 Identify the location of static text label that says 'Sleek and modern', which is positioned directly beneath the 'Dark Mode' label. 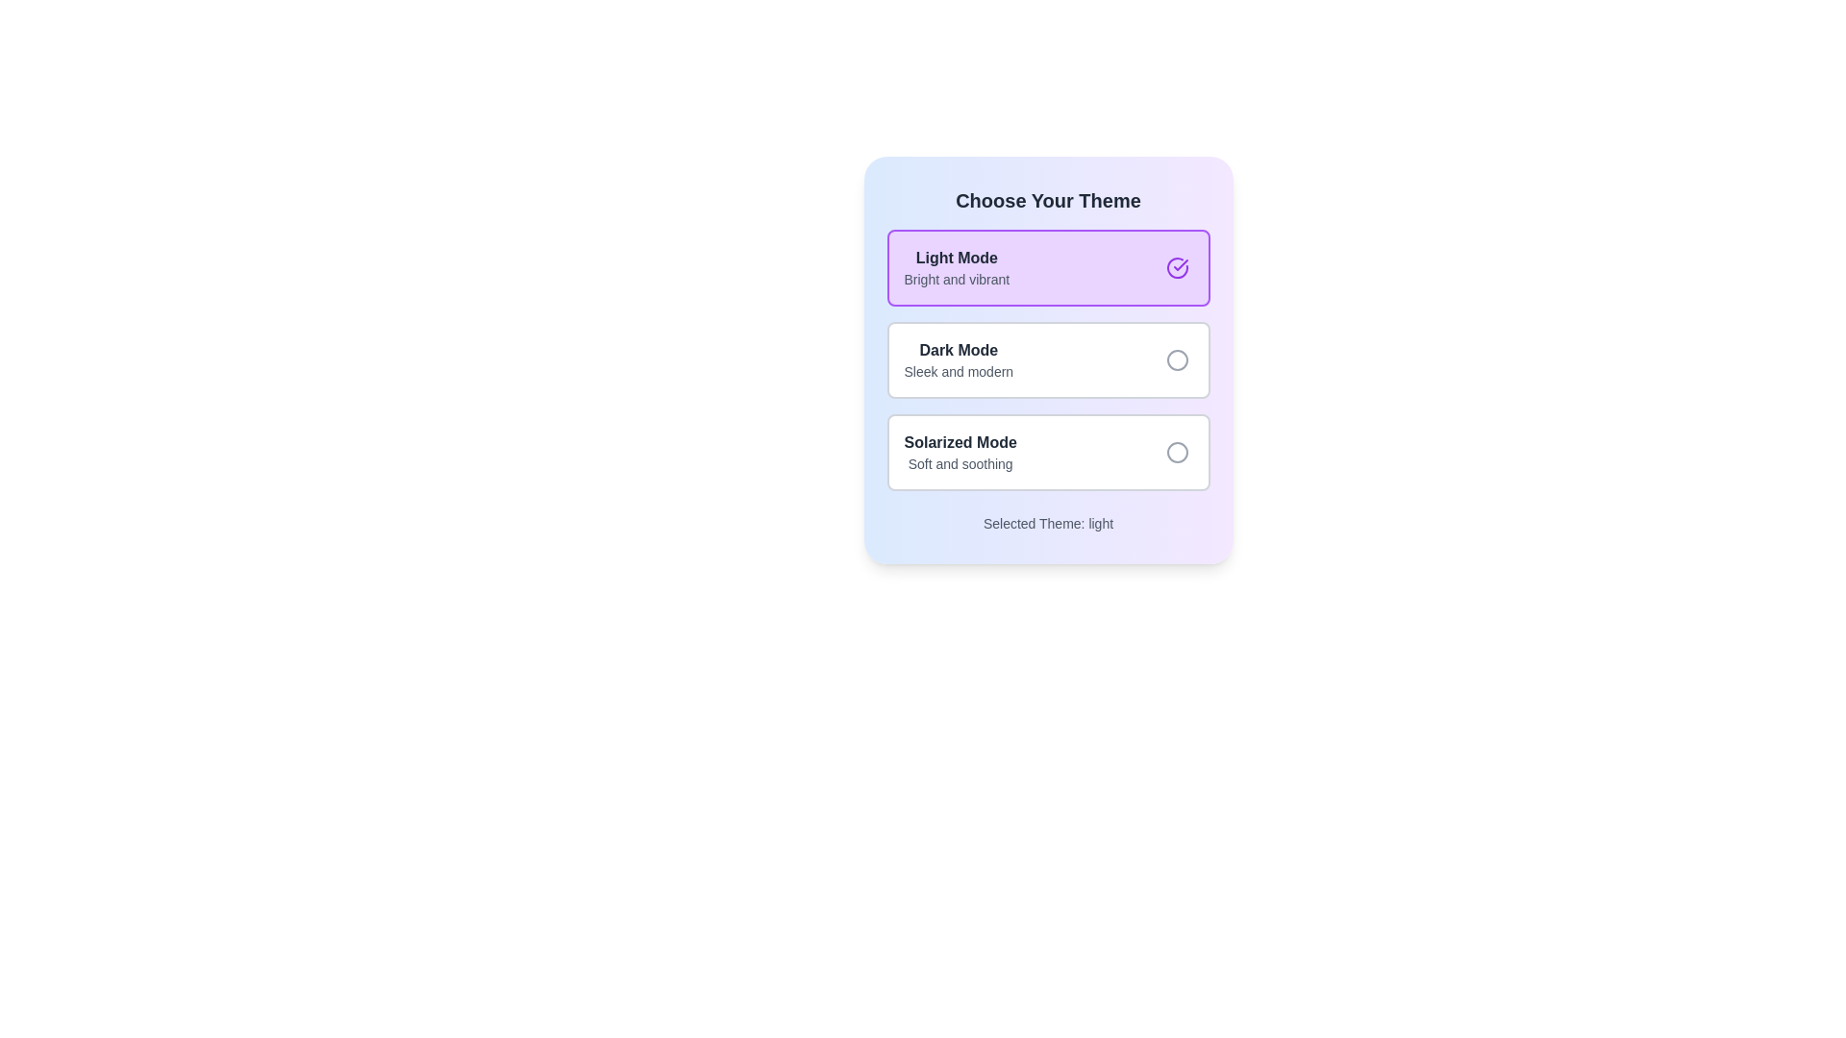
(959, 371).